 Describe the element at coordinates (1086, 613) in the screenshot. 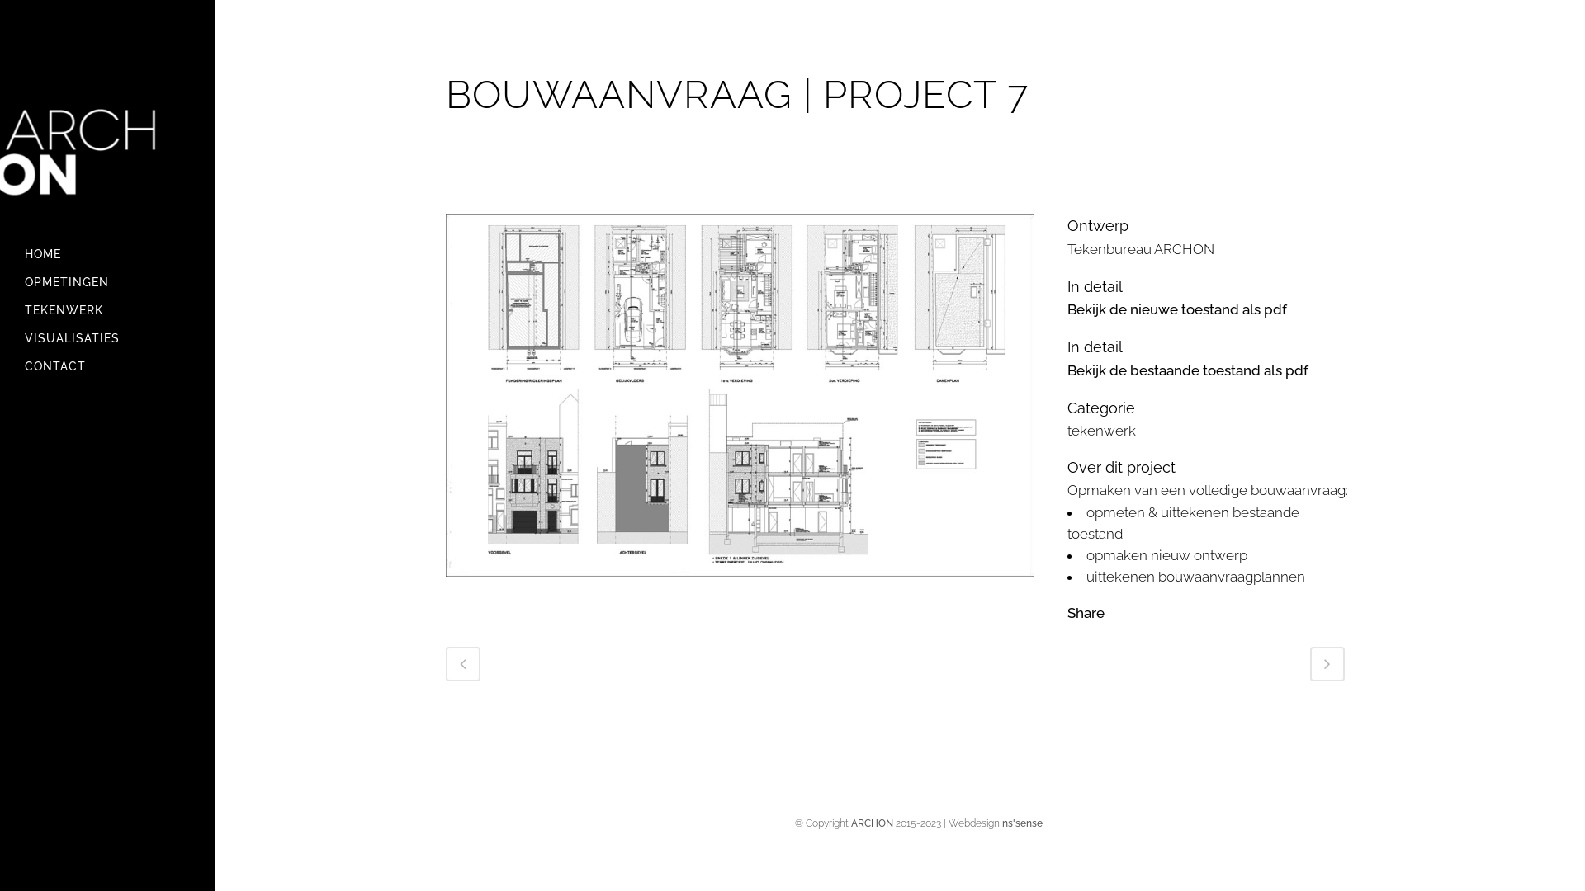

I see `'Share'` at that location.